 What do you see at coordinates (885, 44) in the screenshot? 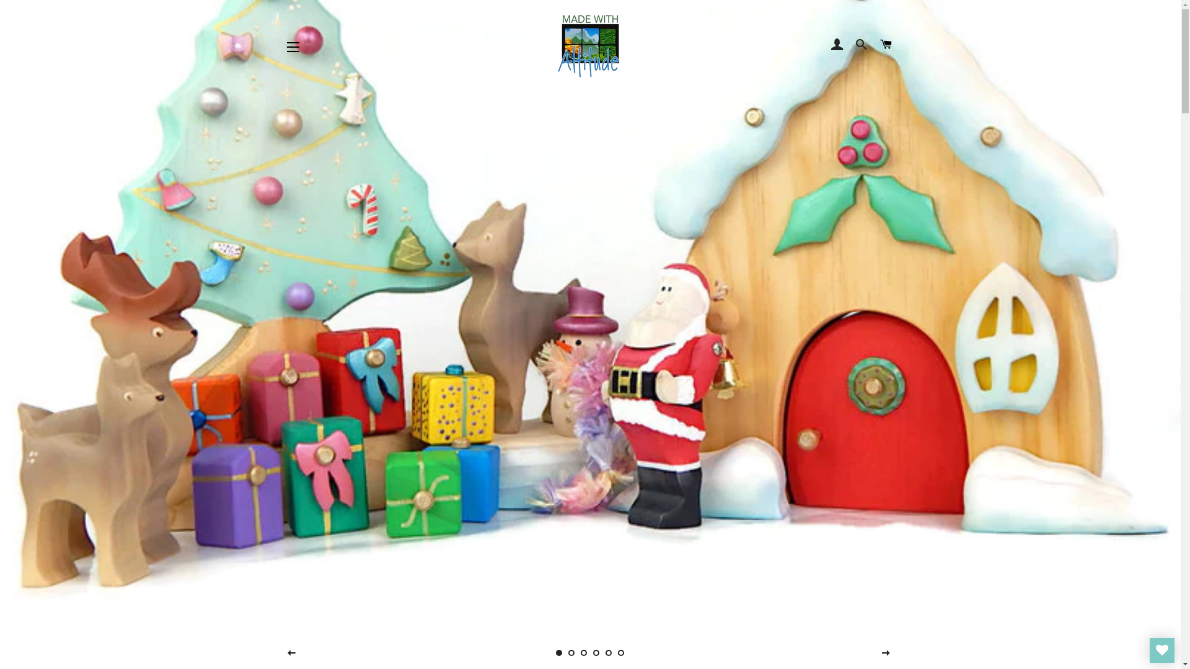
I see `'CART'` at bounding box center [885, 44].